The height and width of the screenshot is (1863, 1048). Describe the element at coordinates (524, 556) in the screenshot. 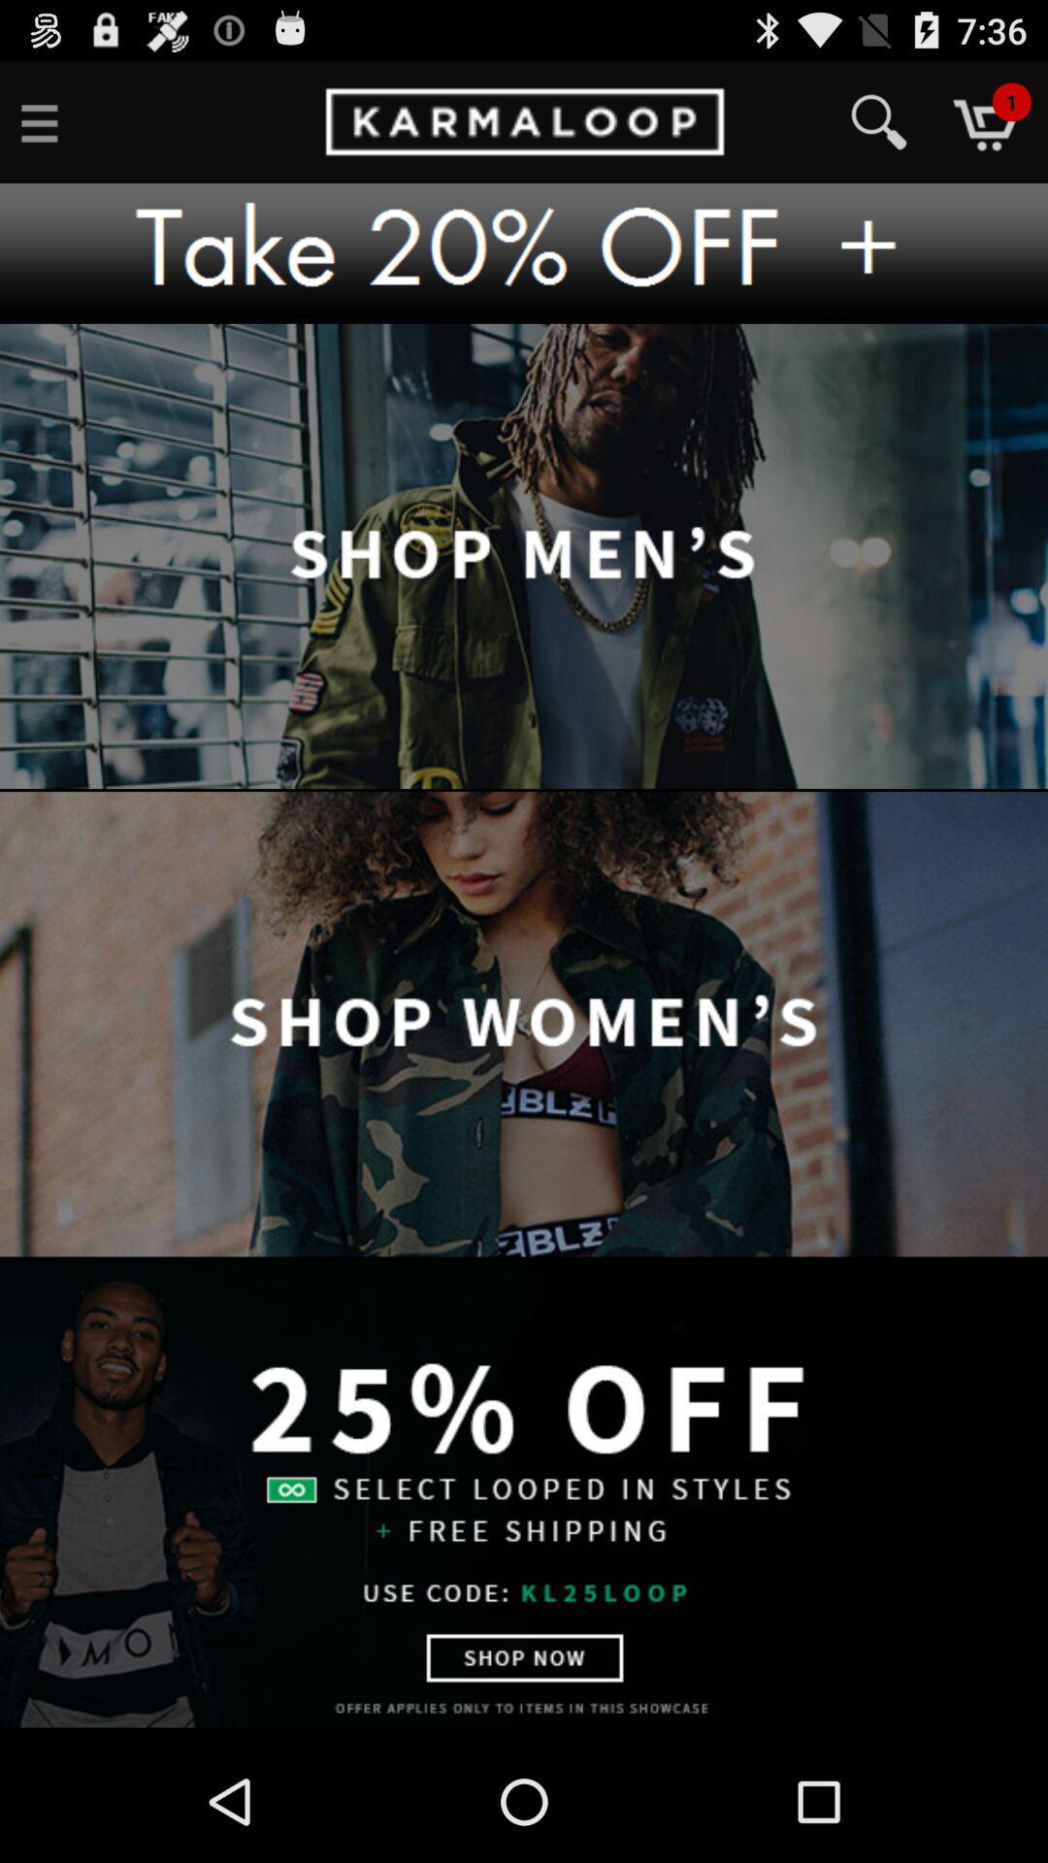

I see `men 's items` at that location.